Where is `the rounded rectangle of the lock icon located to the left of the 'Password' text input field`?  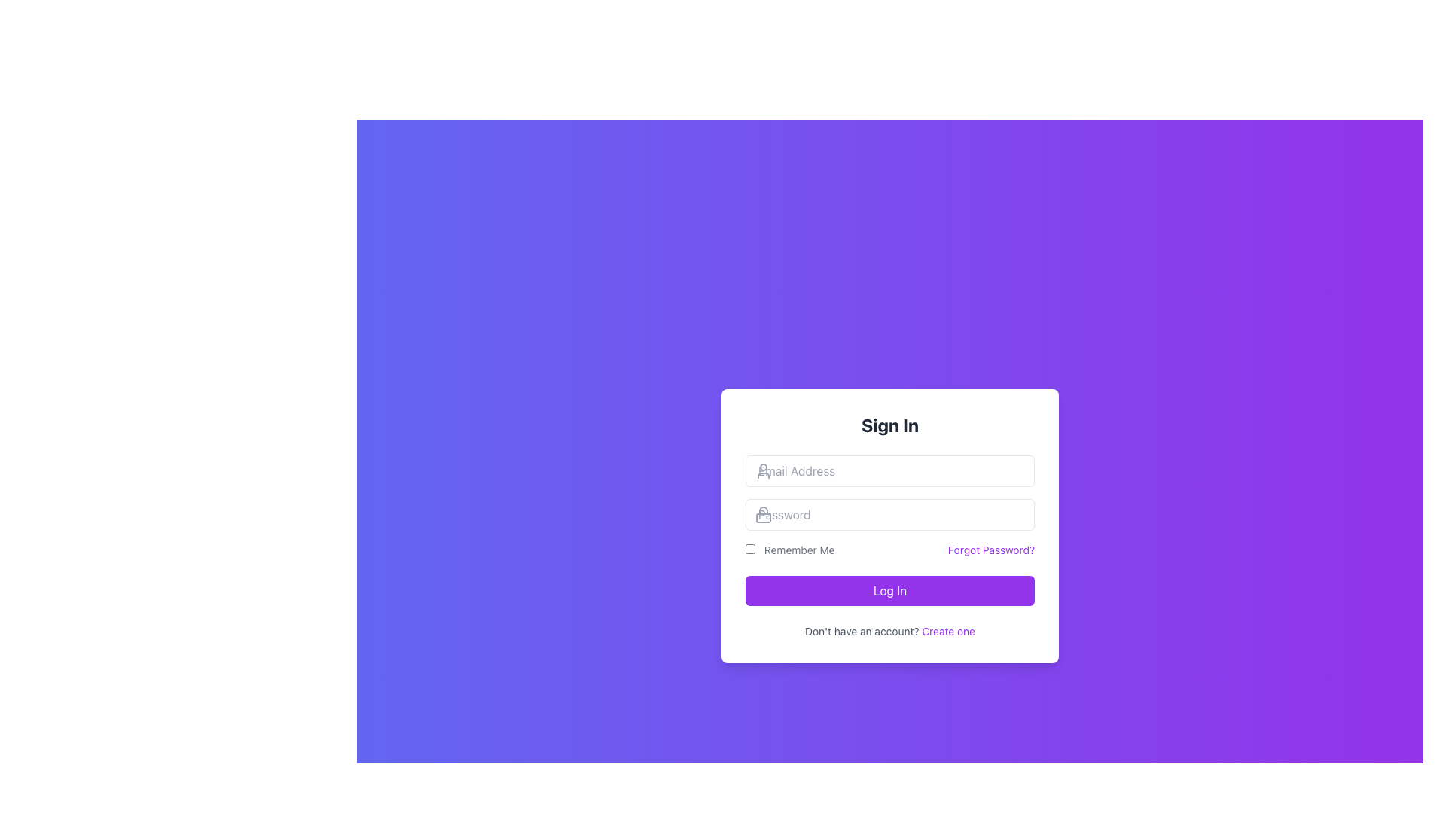
the rounded rectangle of the lock icon located to the left of the 'Password' text input field is located at coordinates (763, 517).